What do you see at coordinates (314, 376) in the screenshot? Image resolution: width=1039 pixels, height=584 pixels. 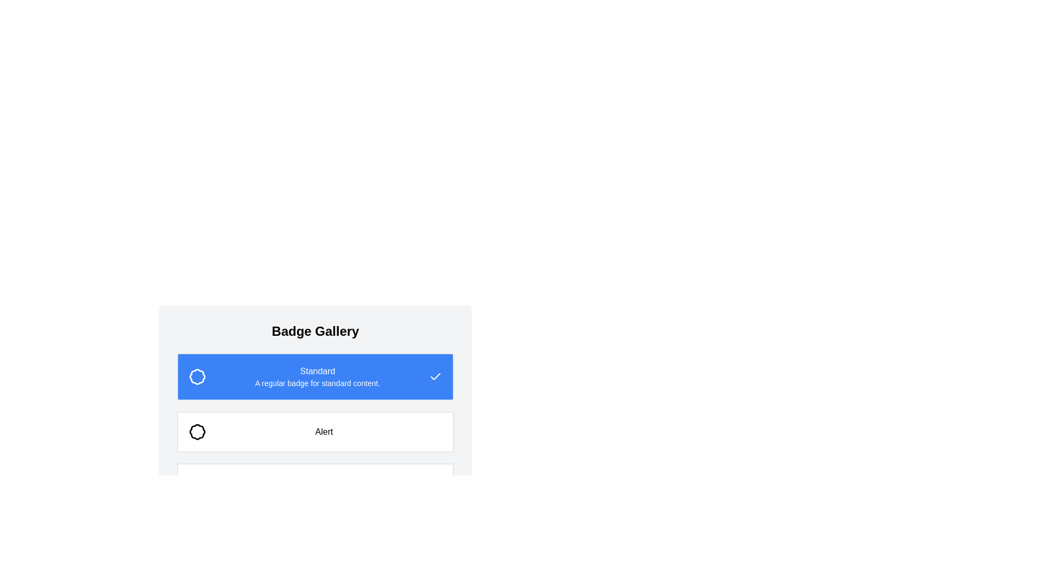 I see `the first card` at bounding box center [314, 376].